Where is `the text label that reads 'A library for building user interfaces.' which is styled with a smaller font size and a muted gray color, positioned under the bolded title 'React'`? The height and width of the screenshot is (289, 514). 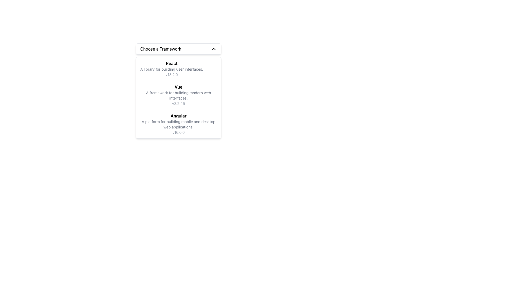 the text label that reads 'A library for building user interfaces.' which is styled with a smaller font size and a muted gray color, positioned under the bolded title 'React' is located at coordinates (172, 69).